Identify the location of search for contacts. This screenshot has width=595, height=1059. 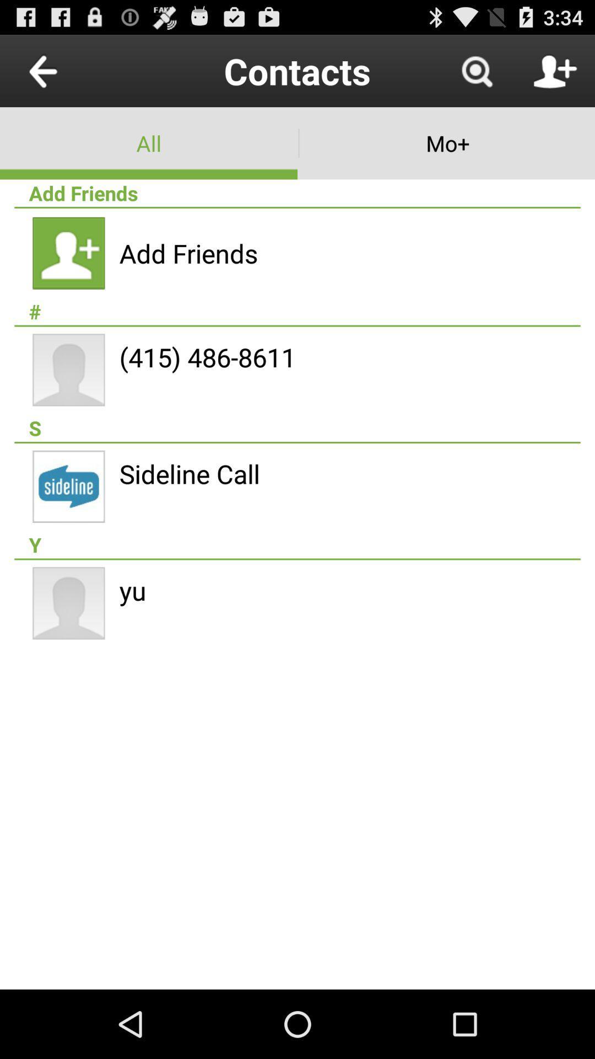
(476, 70).